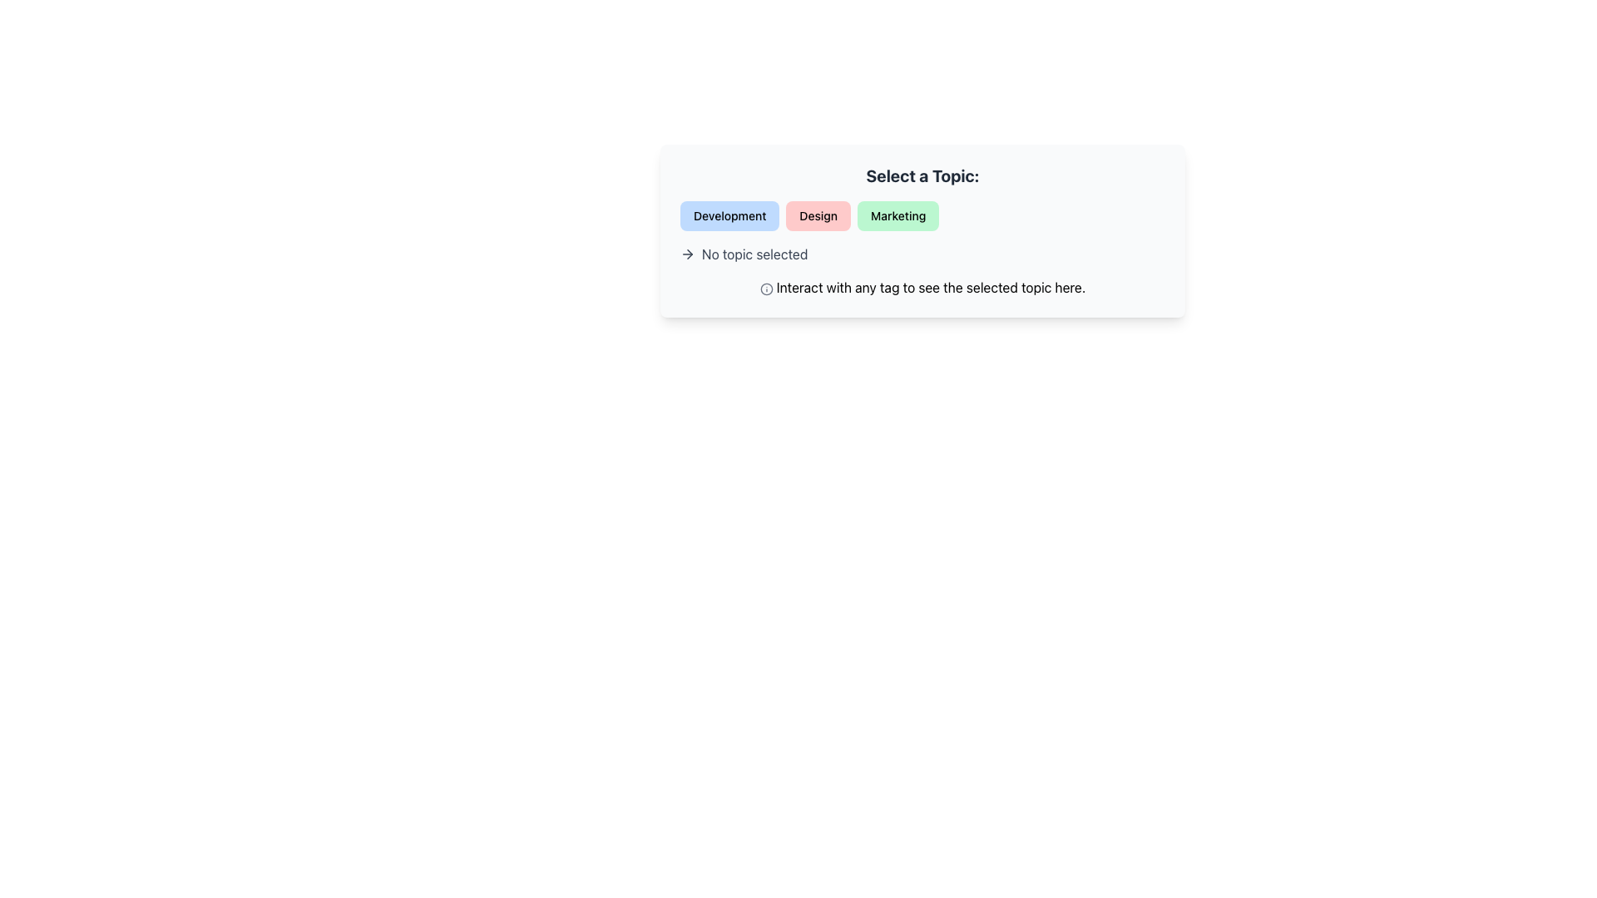  What do you see at coordinates (922, 176) in the screenshot?
I see `the bold, large-sized static text stating 'Select a Topic:' with a gray font color, located at the top of the card-like section` at bounding box center [922, 176].